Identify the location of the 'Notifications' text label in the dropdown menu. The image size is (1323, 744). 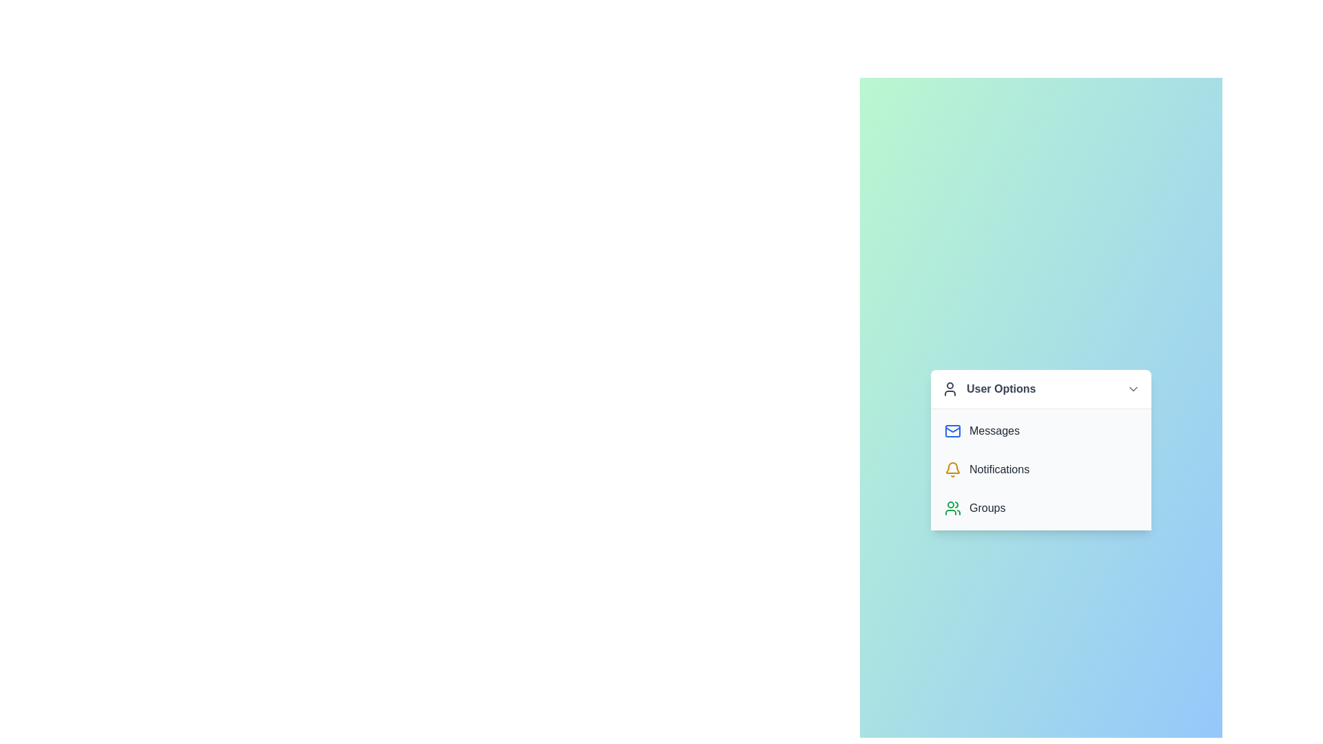
(999, 468).